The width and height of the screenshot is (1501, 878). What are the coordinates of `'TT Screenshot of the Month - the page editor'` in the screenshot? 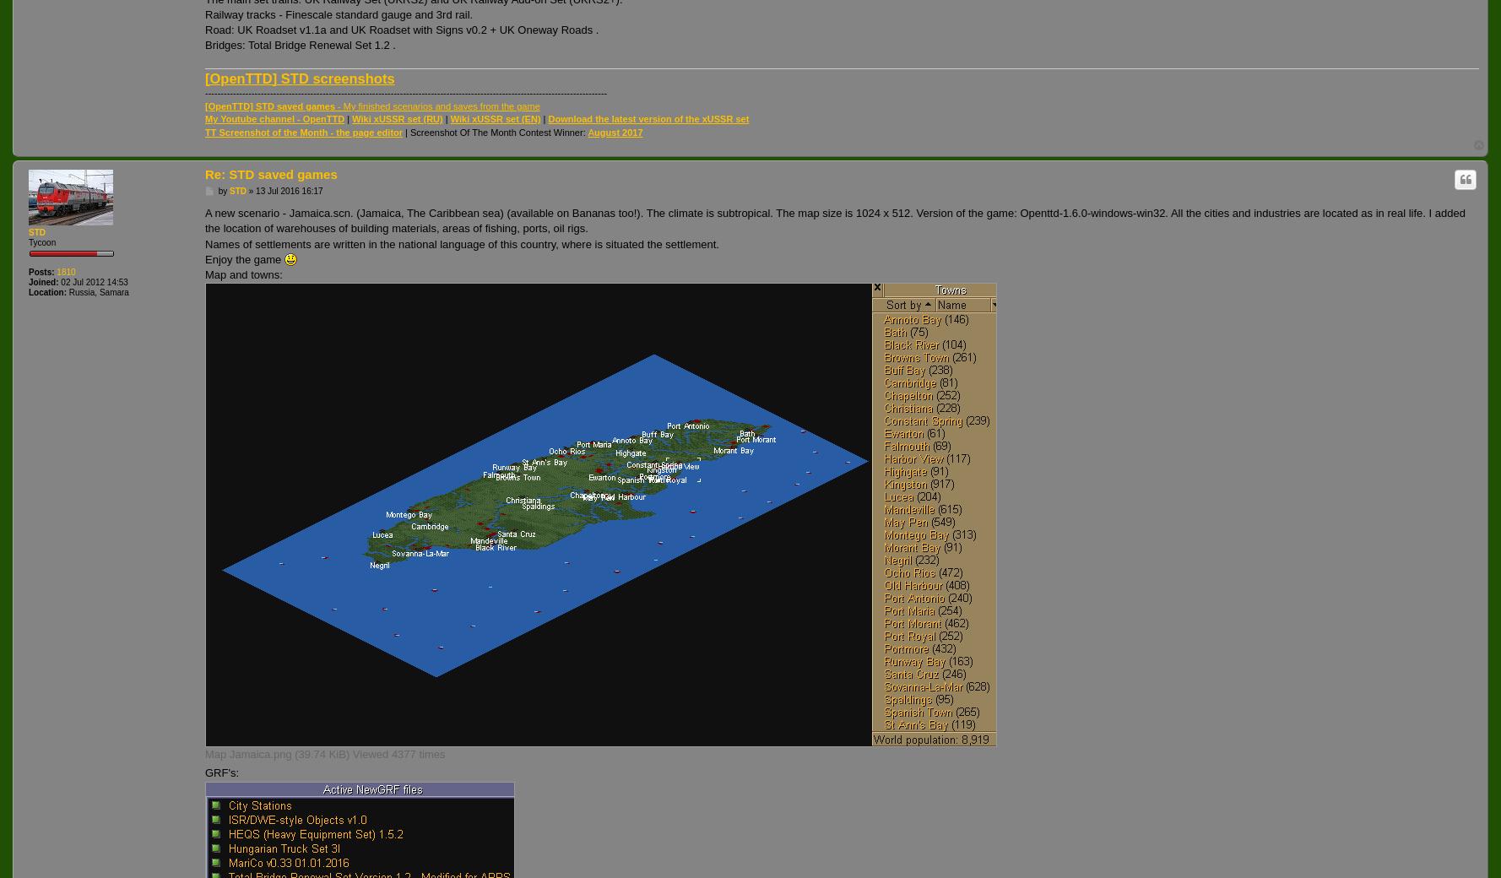 It's located at (303, 132).